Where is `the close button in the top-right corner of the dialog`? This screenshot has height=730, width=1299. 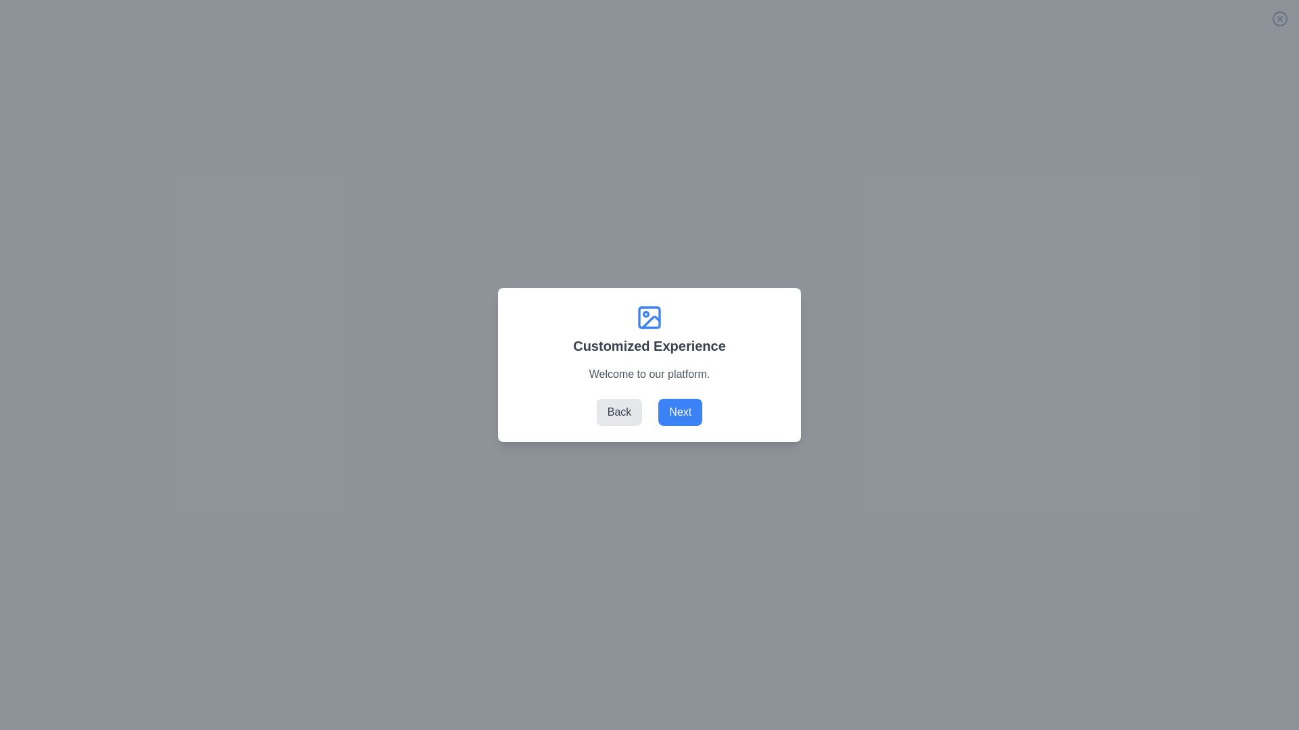
the close button in the top-right corner of the dialog is located at coordinates (1279, 18).